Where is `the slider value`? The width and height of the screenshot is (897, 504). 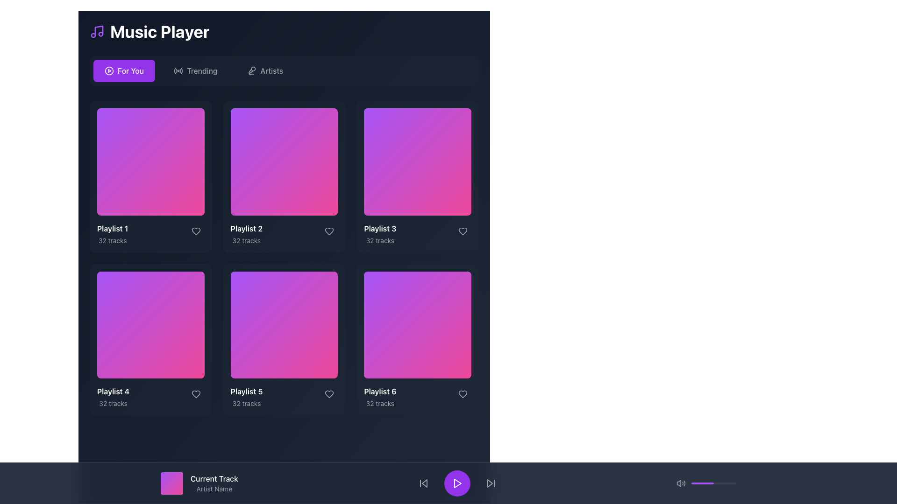 the slider value is located at coordinates (695, 483).